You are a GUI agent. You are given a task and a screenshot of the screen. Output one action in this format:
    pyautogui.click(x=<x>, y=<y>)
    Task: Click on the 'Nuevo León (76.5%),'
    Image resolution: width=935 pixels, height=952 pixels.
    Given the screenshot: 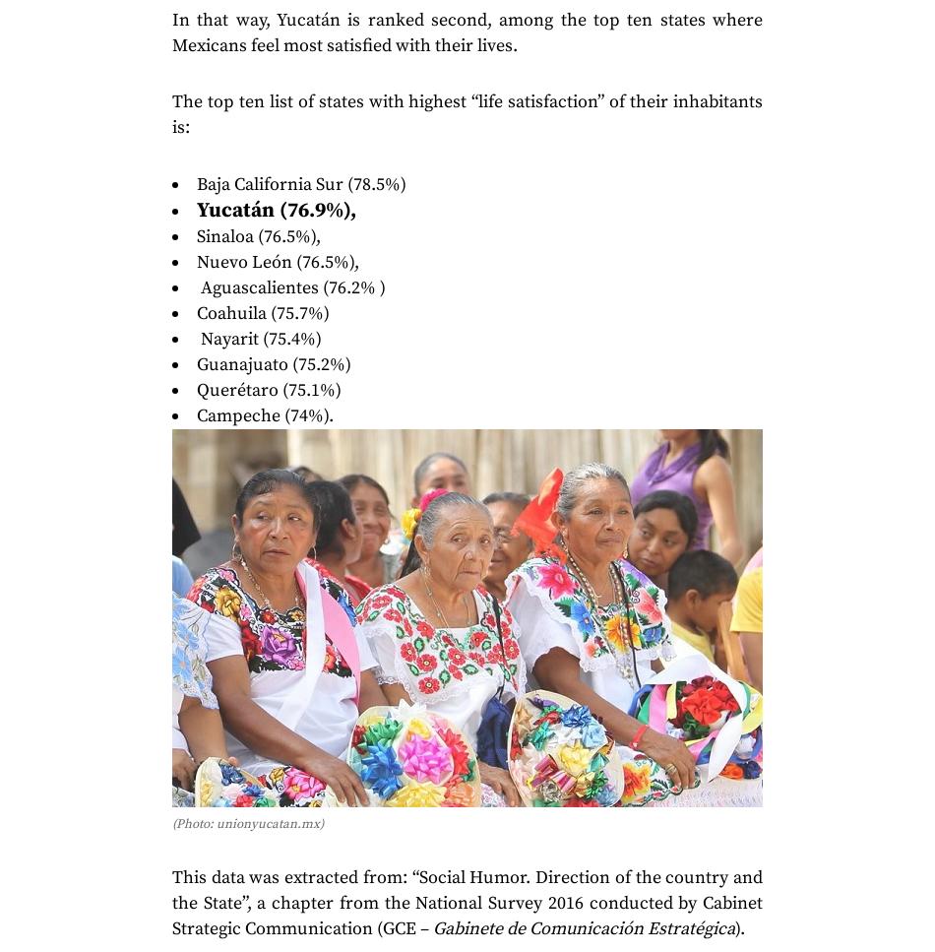 What is the action you would take?
    pyautogui.click(x=277, y=260)
    